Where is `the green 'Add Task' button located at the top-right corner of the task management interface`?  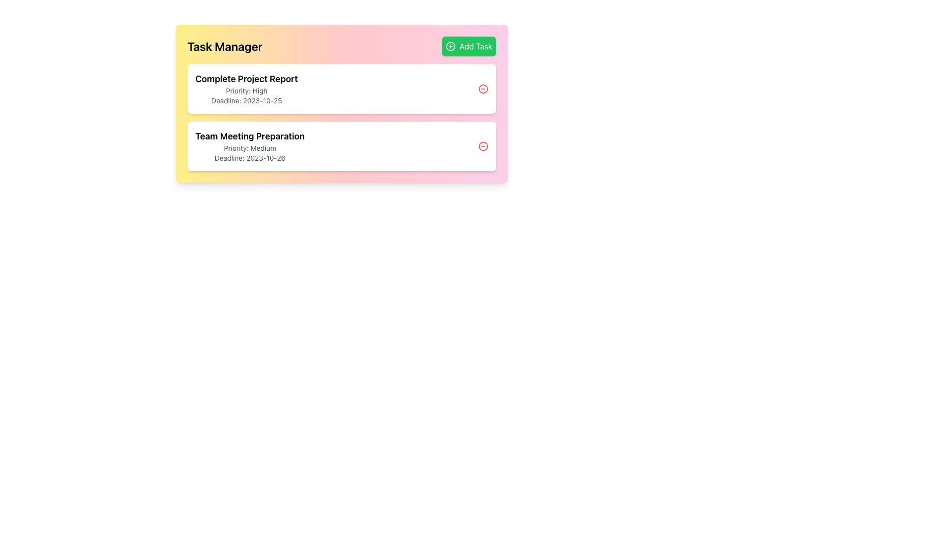
the green 'Add Task' button located at the top-right corner of the task management interface is located at coordinates (468, 46).